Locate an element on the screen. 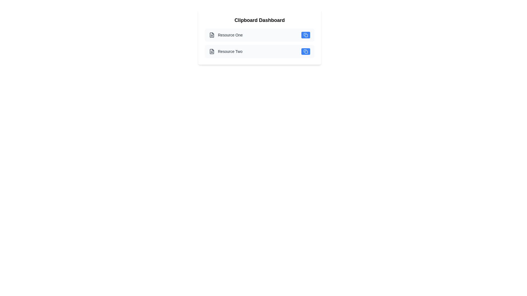  the copy icon located within the blue button next to the text 'Resource Two' in the second row of the 'Clipboard Dashboard' is located at coordinates (305, 52).